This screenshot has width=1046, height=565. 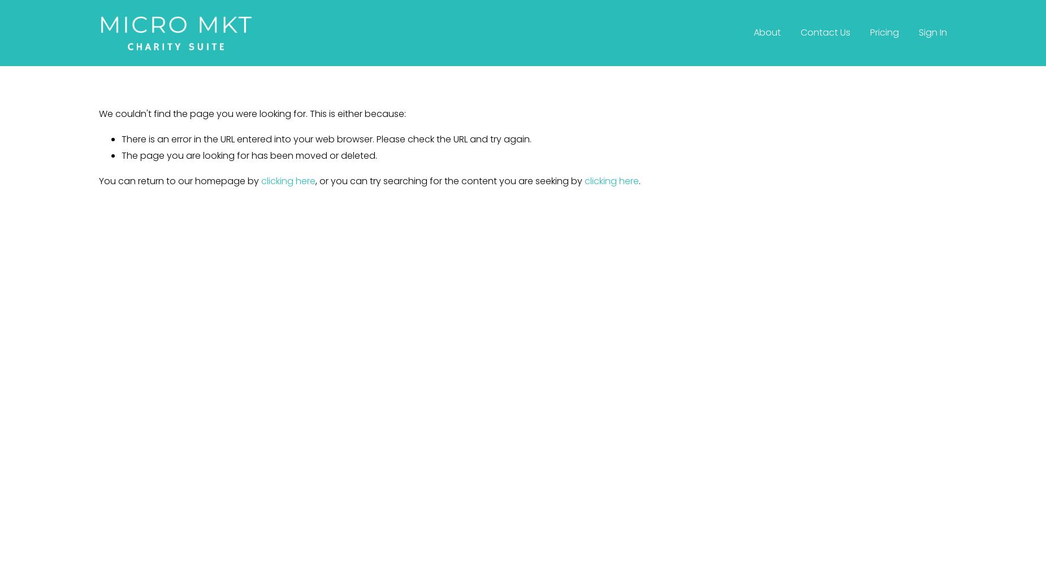 I want to click on 'You can return to our homepage by', so click(x=98, y=180).